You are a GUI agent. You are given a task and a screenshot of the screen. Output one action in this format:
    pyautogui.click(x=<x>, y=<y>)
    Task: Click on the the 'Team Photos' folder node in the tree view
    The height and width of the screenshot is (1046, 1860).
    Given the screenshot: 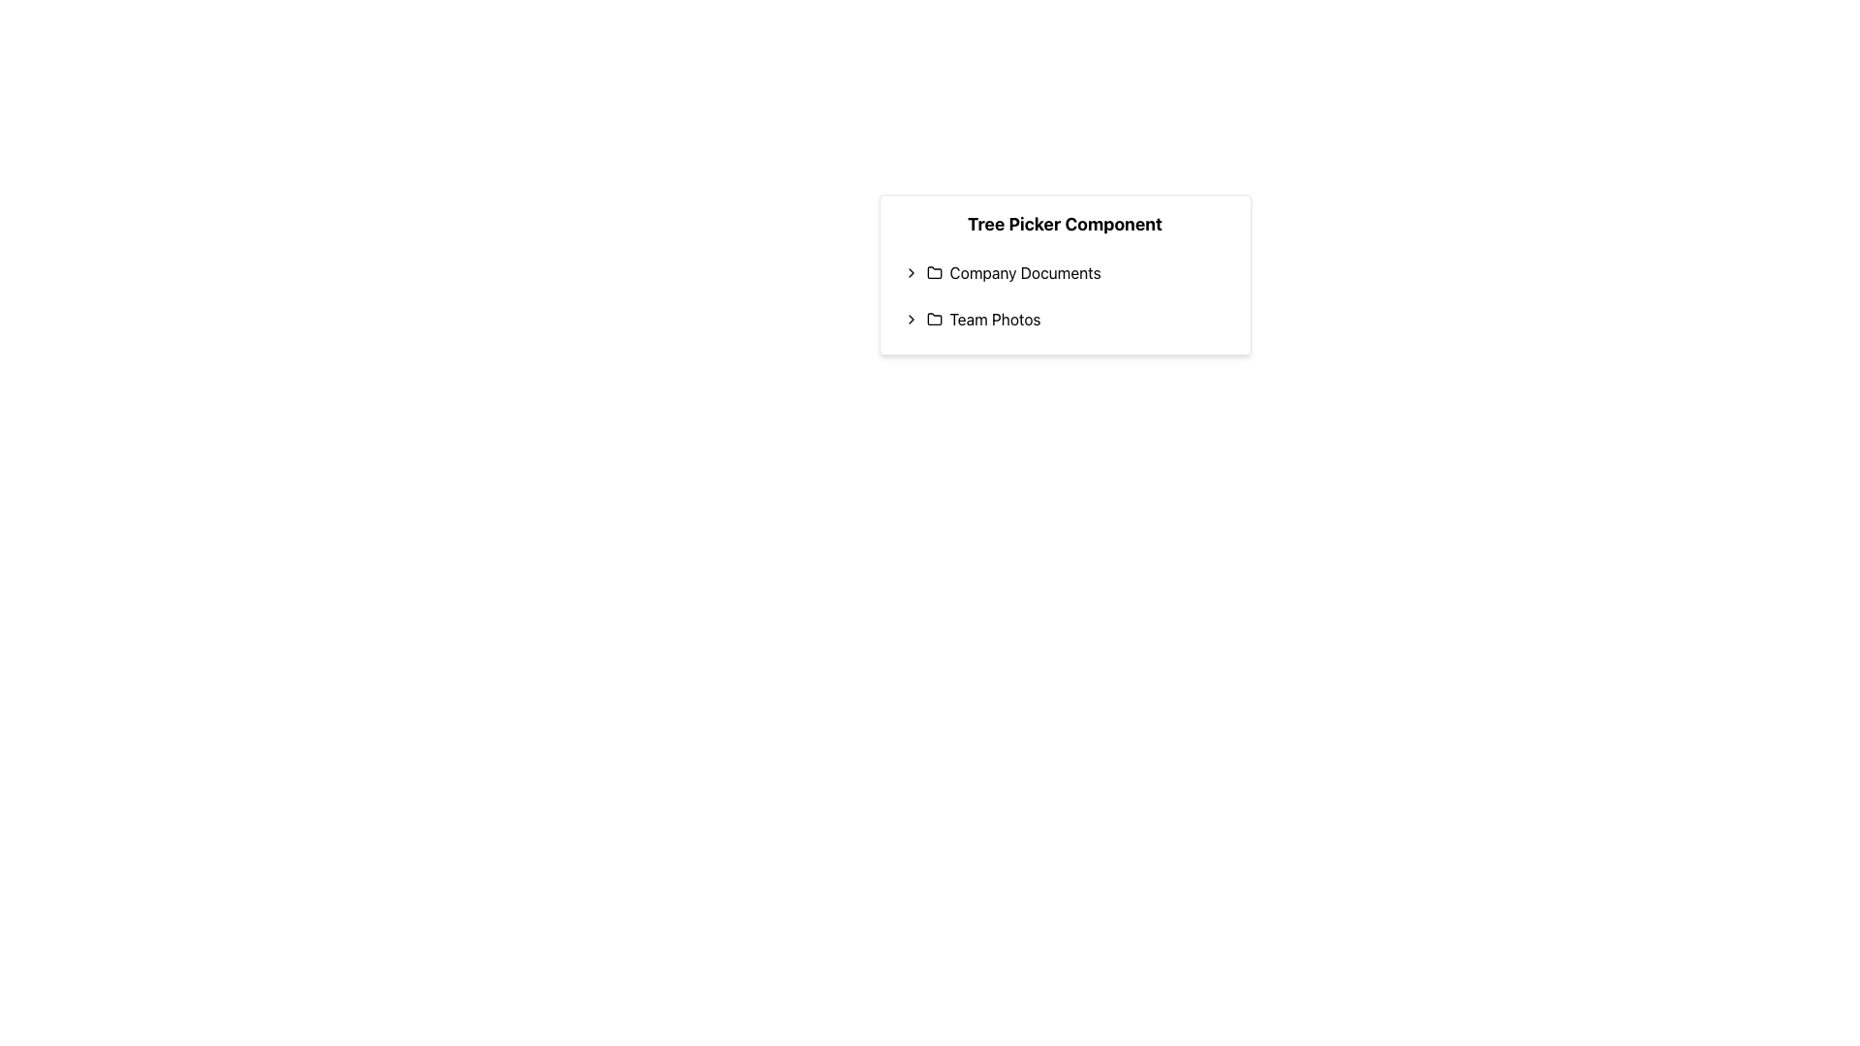 What is the action you would take?
    pyautogui.click(x=1064, y=319)
    